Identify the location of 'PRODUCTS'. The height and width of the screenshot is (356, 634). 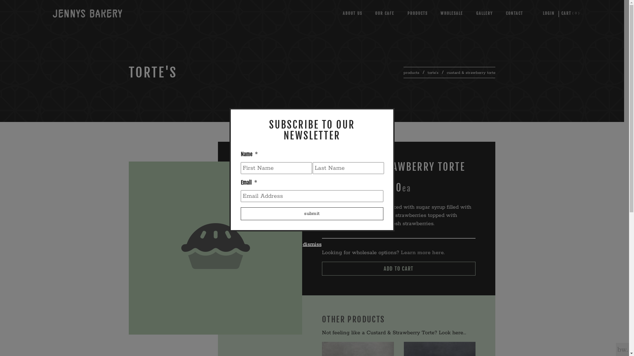
(417, 13).